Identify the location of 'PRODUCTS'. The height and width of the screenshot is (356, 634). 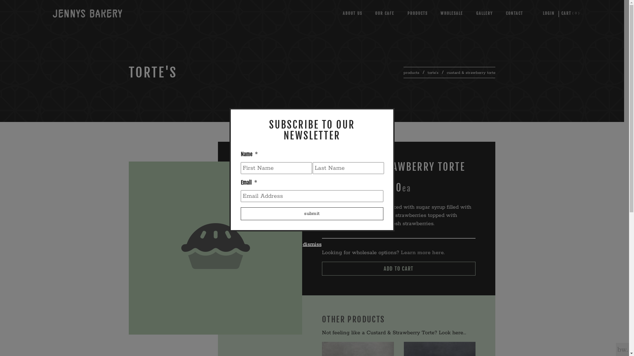
(417, 13).